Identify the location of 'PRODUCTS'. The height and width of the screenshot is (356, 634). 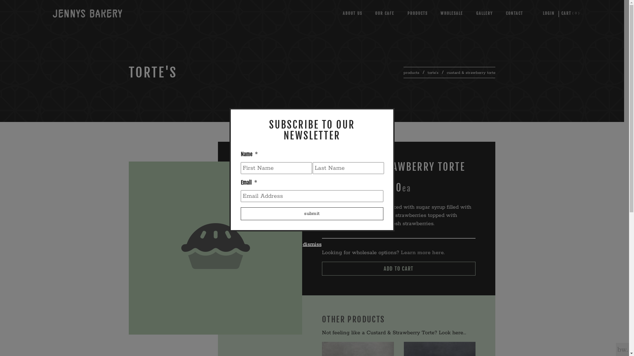
(417, 13).